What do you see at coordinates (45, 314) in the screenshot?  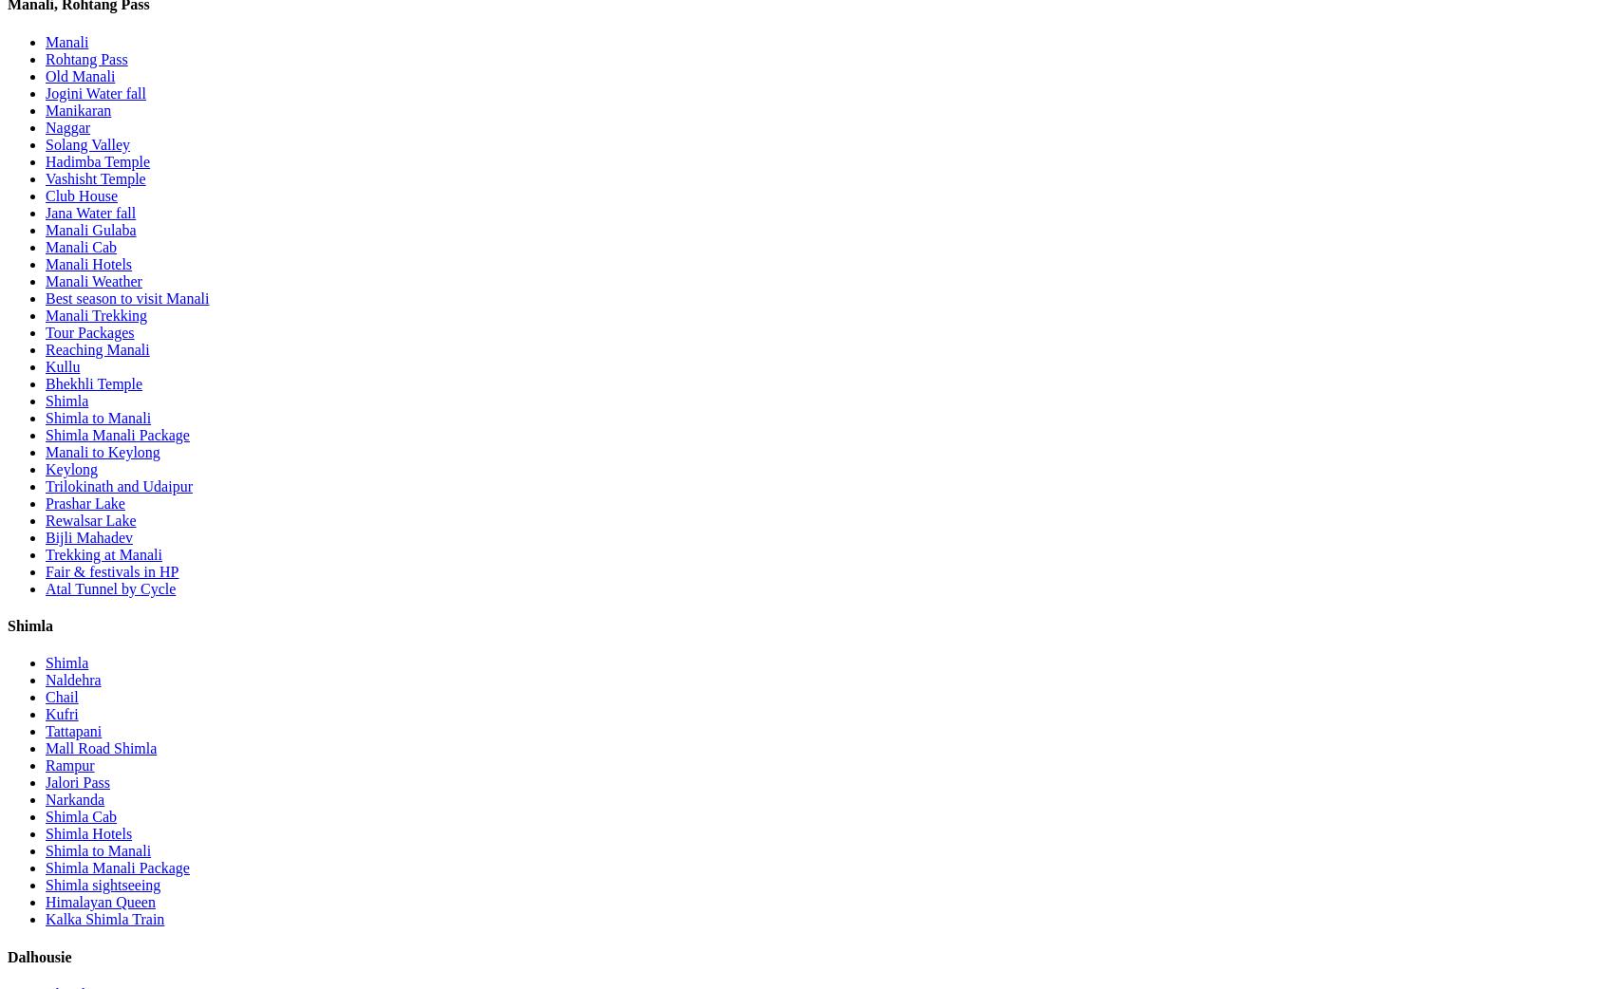 I see `'Manali Trekking'` at bounding box center [45, 314].